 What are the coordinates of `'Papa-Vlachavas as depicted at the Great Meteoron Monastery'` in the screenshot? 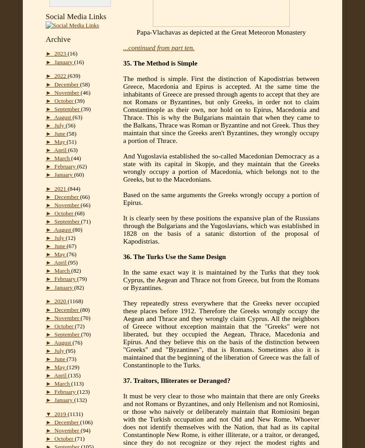 It's located at (136, 32).